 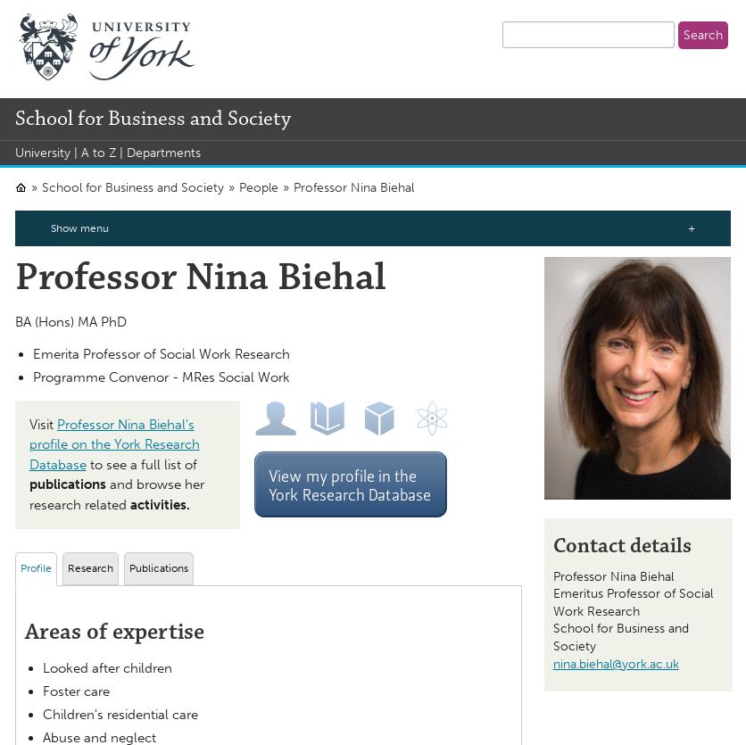 What do you see at coordinates (128, 503) in the screenshot?
I see `'activities.'` at bounding box center [128, 503].